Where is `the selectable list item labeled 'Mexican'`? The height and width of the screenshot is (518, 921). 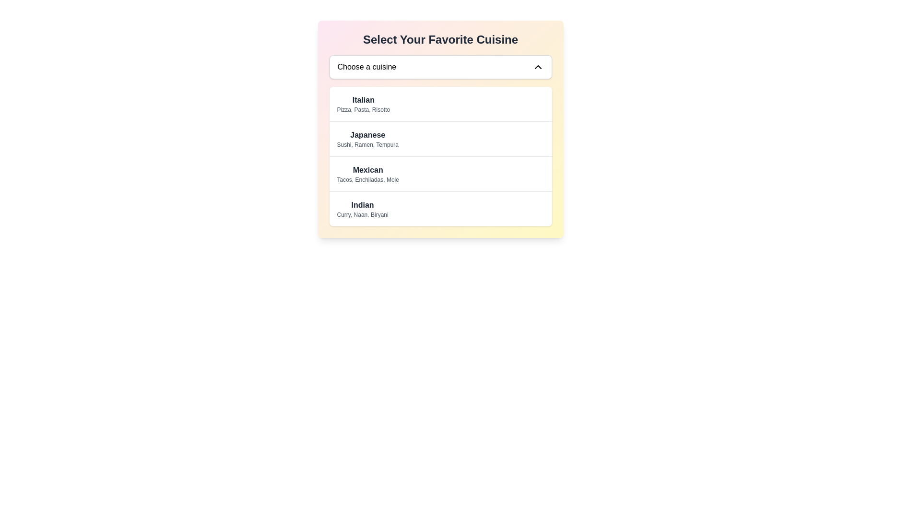
the selectable list item labeled 'Mexican' is located at coordinates (367, 174).